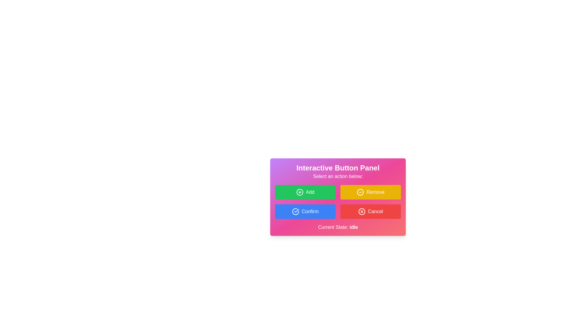 This screenshot has height=327, width=581. What do you see at coordinates (338, 227) in the screenshot?
I see `the text label that displays 'Current State: idle' located at the bottom center of the panel` at bounding box center [338, 227].